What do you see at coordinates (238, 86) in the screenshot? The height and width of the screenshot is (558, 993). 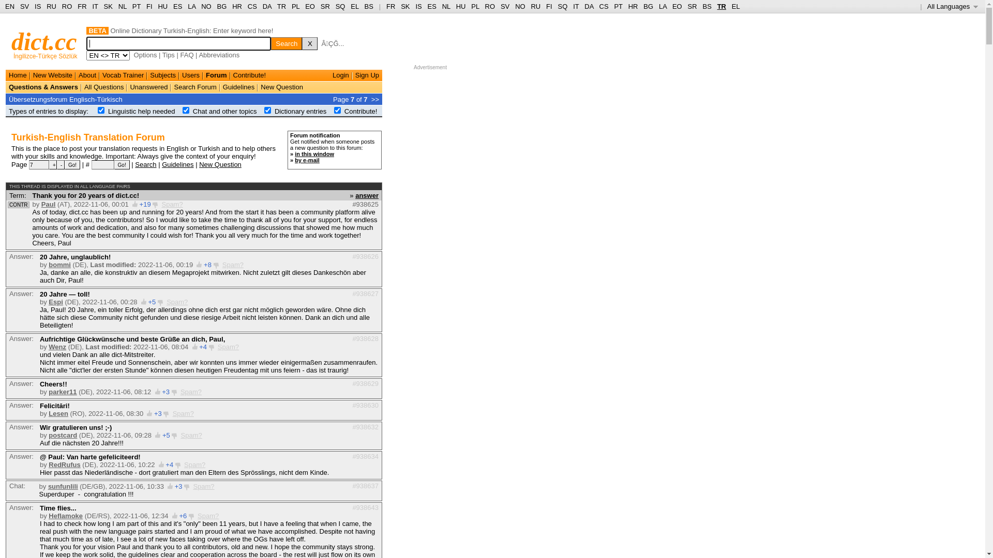 I see `'Guidelines'` at bounding box center [238, 86].